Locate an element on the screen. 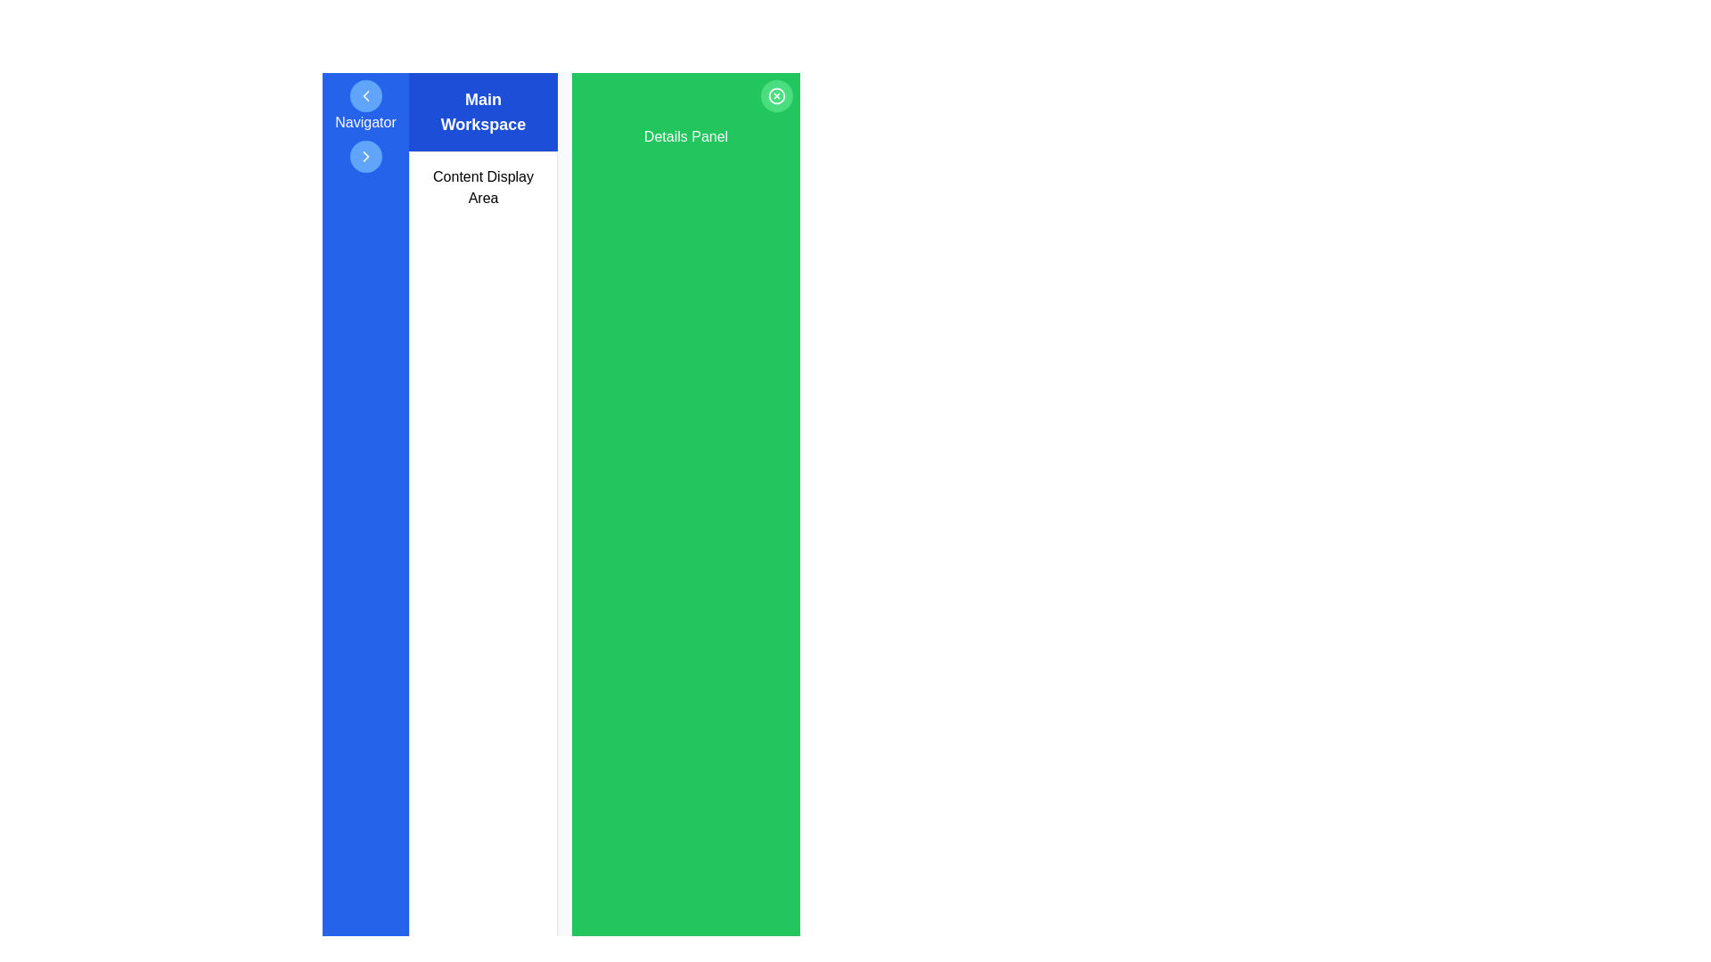  the chevron-right SVG icon located in the vertical blue navigation bar is located at coordinates (364, 156).